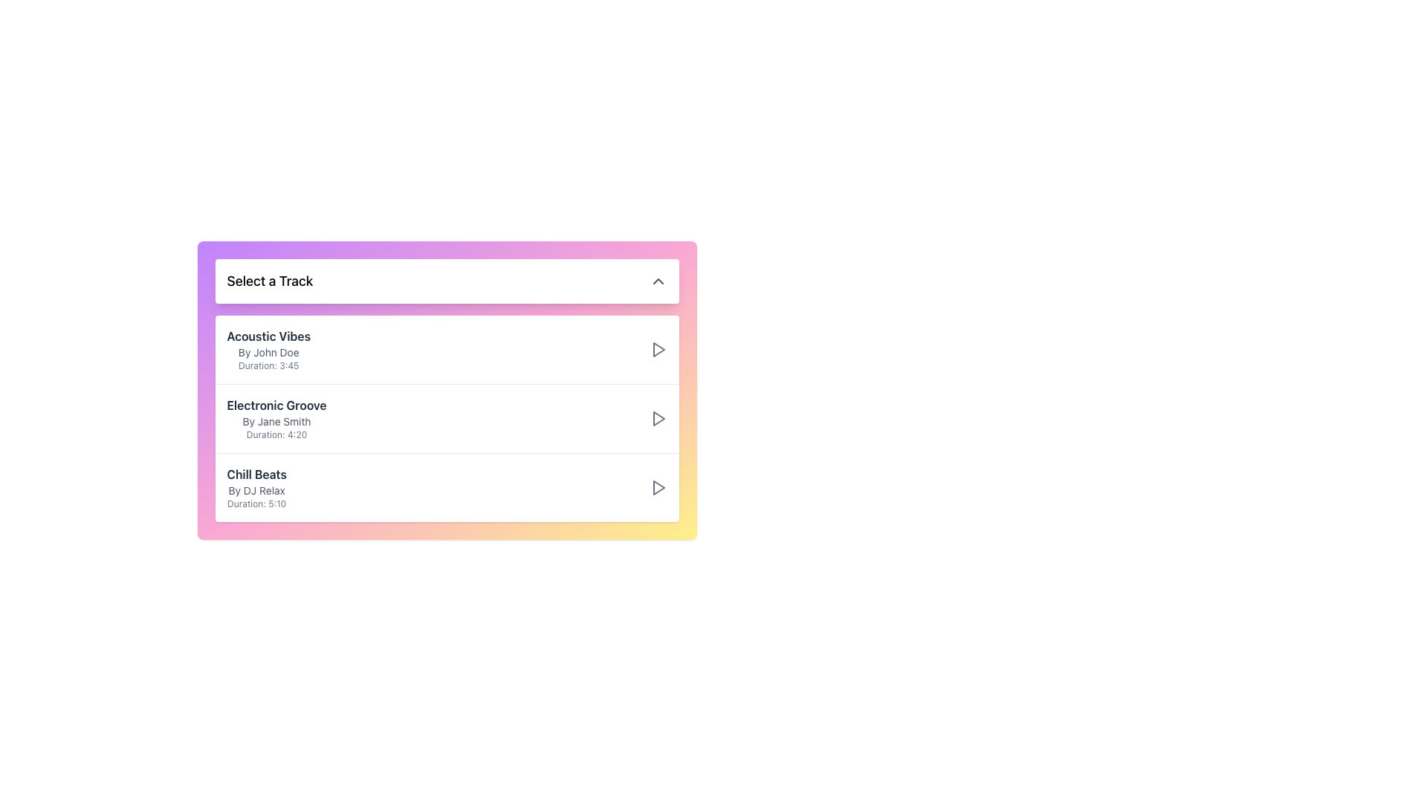 The image size is (1427, 802). I want to click on the text label displaying the author or artist name for the track 'Acoustic Vibes', which is located between 'Acoustic Vibes' and 'Duration: 3:45', so click(268, 352).